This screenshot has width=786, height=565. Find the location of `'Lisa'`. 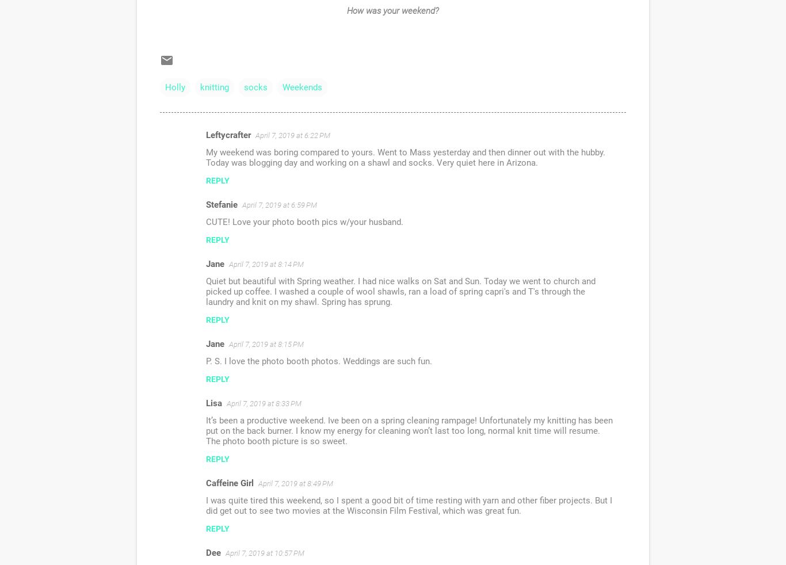

'Lisa' is located at coordinates (213, 402).